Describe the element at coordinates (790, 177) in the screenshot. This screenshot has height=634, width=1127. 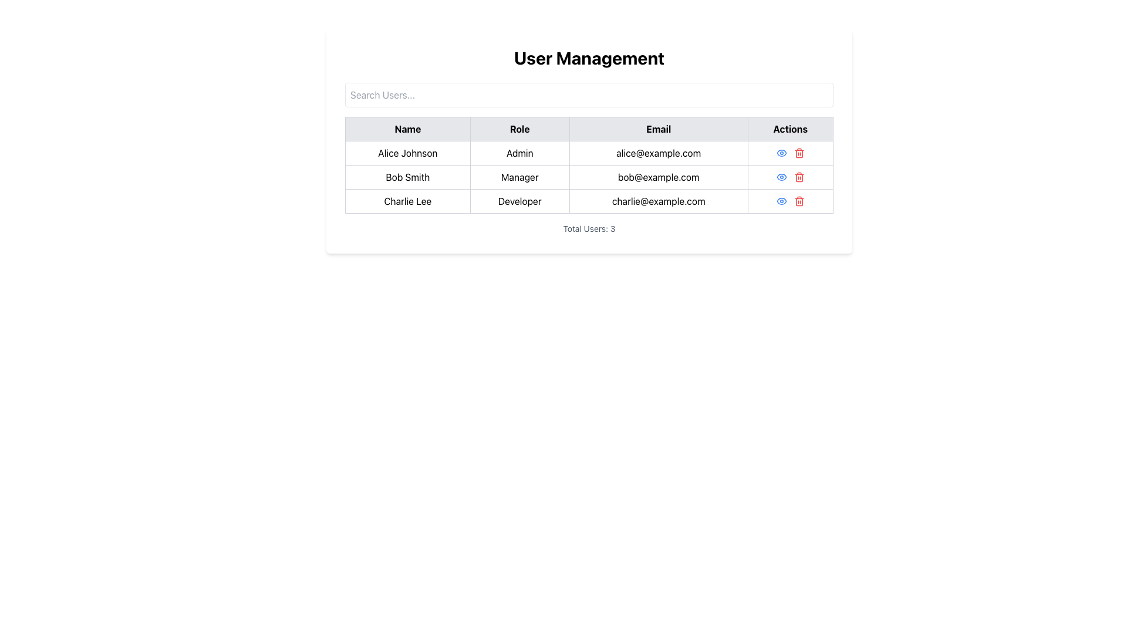
I see `the fixed-width cell in the rightmost column of the 'Actions' section for the user 'Bob Smith' to interact with the integrated interactive buttons` at that location.